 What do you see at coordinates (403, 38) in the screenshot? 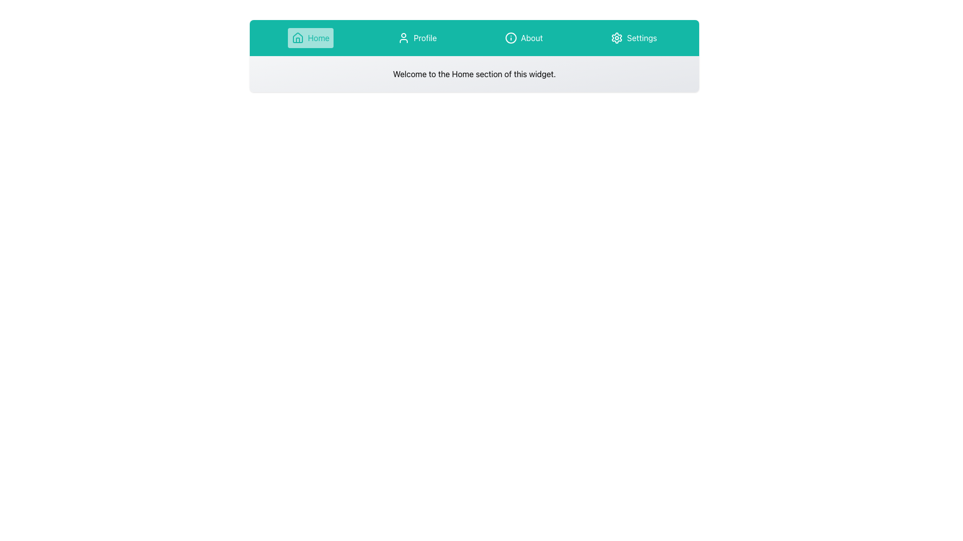
I see `the user profile icon located inside the 'Profile' button in the navigation bar at the top of the interface` at bounding box center [403, 38].